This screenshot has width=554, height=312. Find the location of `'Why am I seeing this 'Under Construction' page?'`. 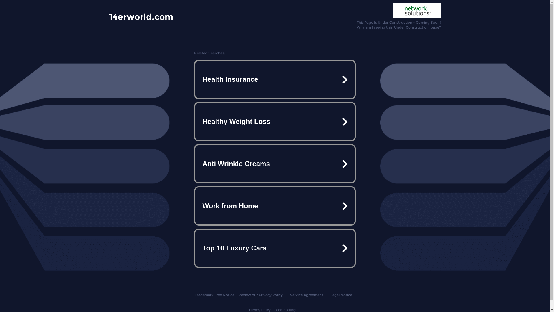

'Why am I seeing this 'Under Construction' page?' is located at coordinates (398, 27).